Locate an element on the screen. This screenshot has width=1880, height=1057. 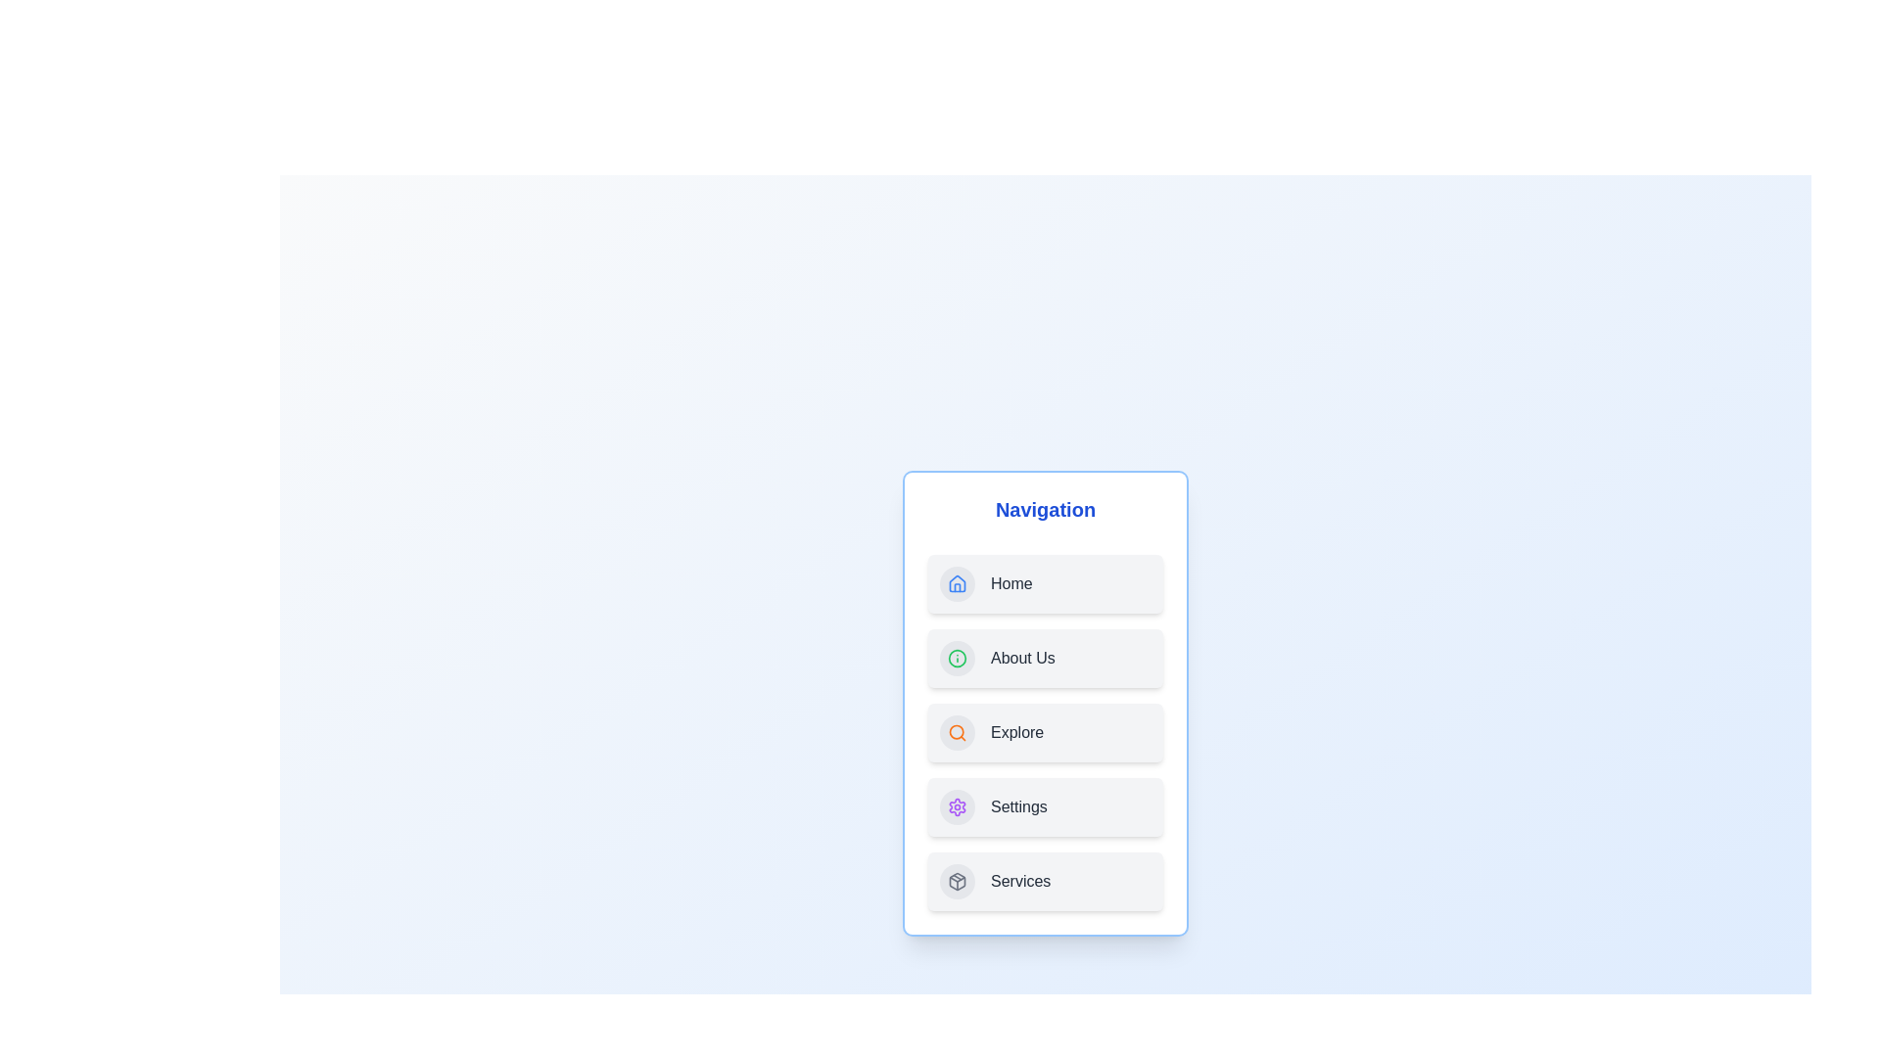
the navigation item labeled Settings is located at coordinates (1045, 807).